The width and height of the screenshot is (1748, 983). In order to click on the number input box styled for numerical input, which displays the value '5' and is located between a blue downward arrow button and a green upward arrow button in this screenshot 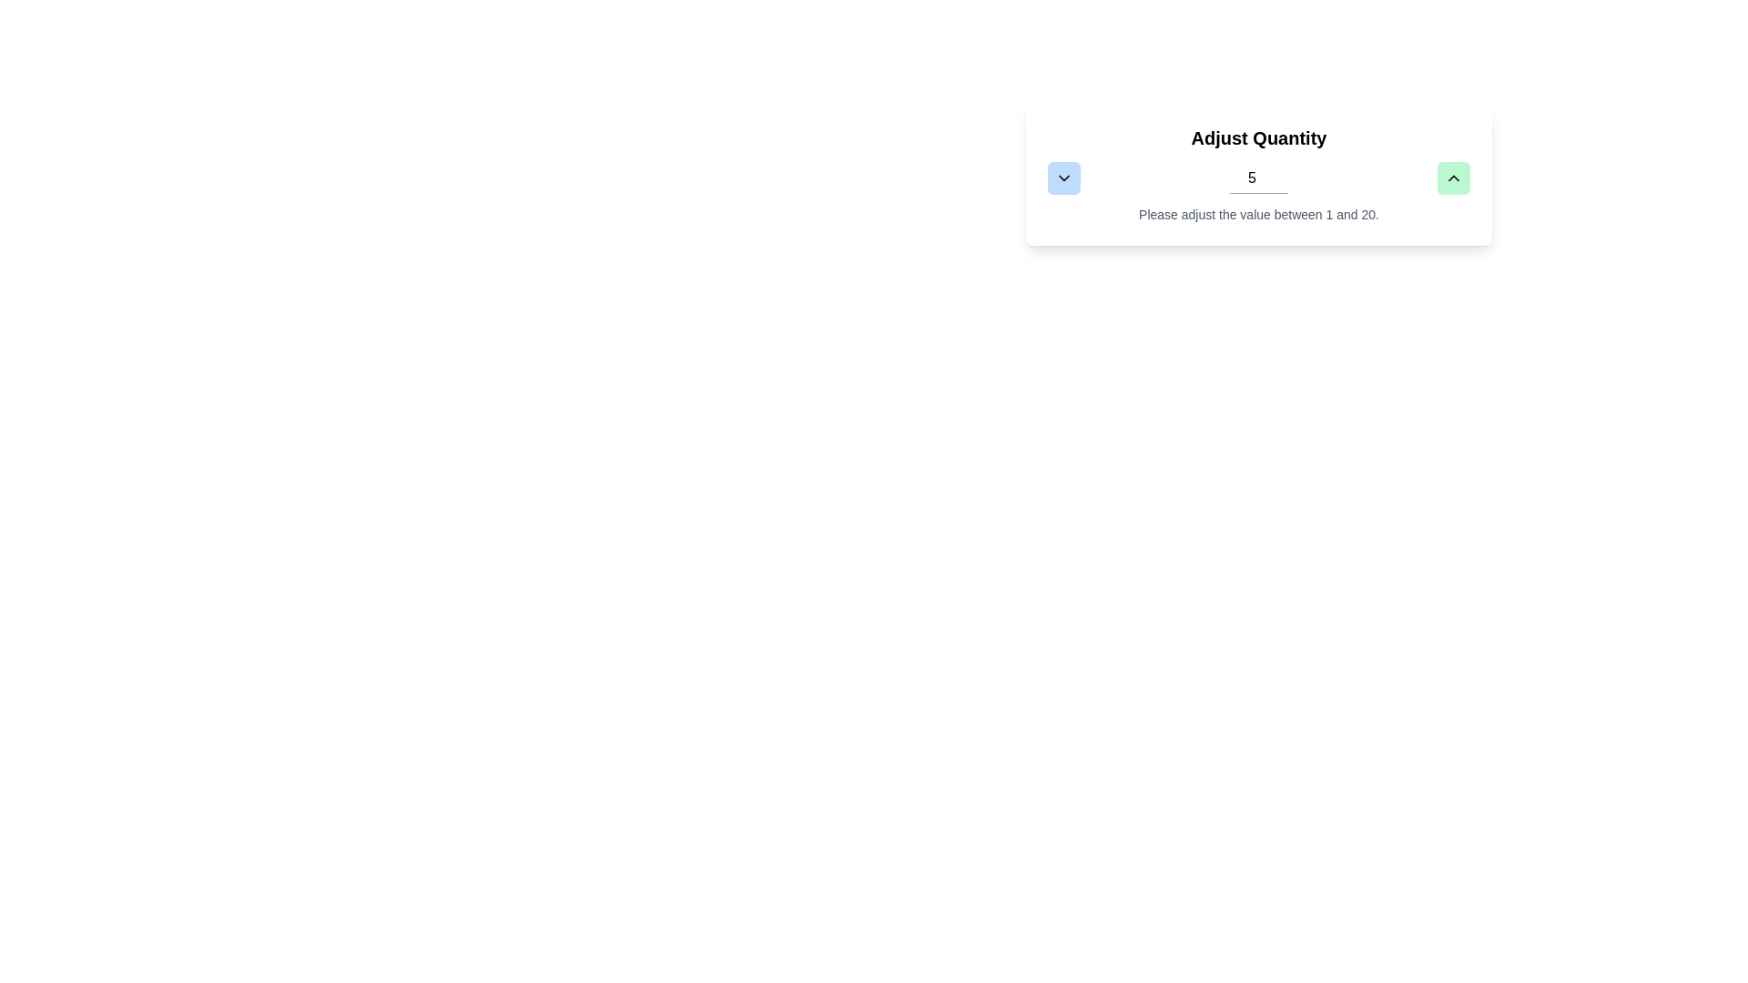, I will do `click(1257, 178)`.